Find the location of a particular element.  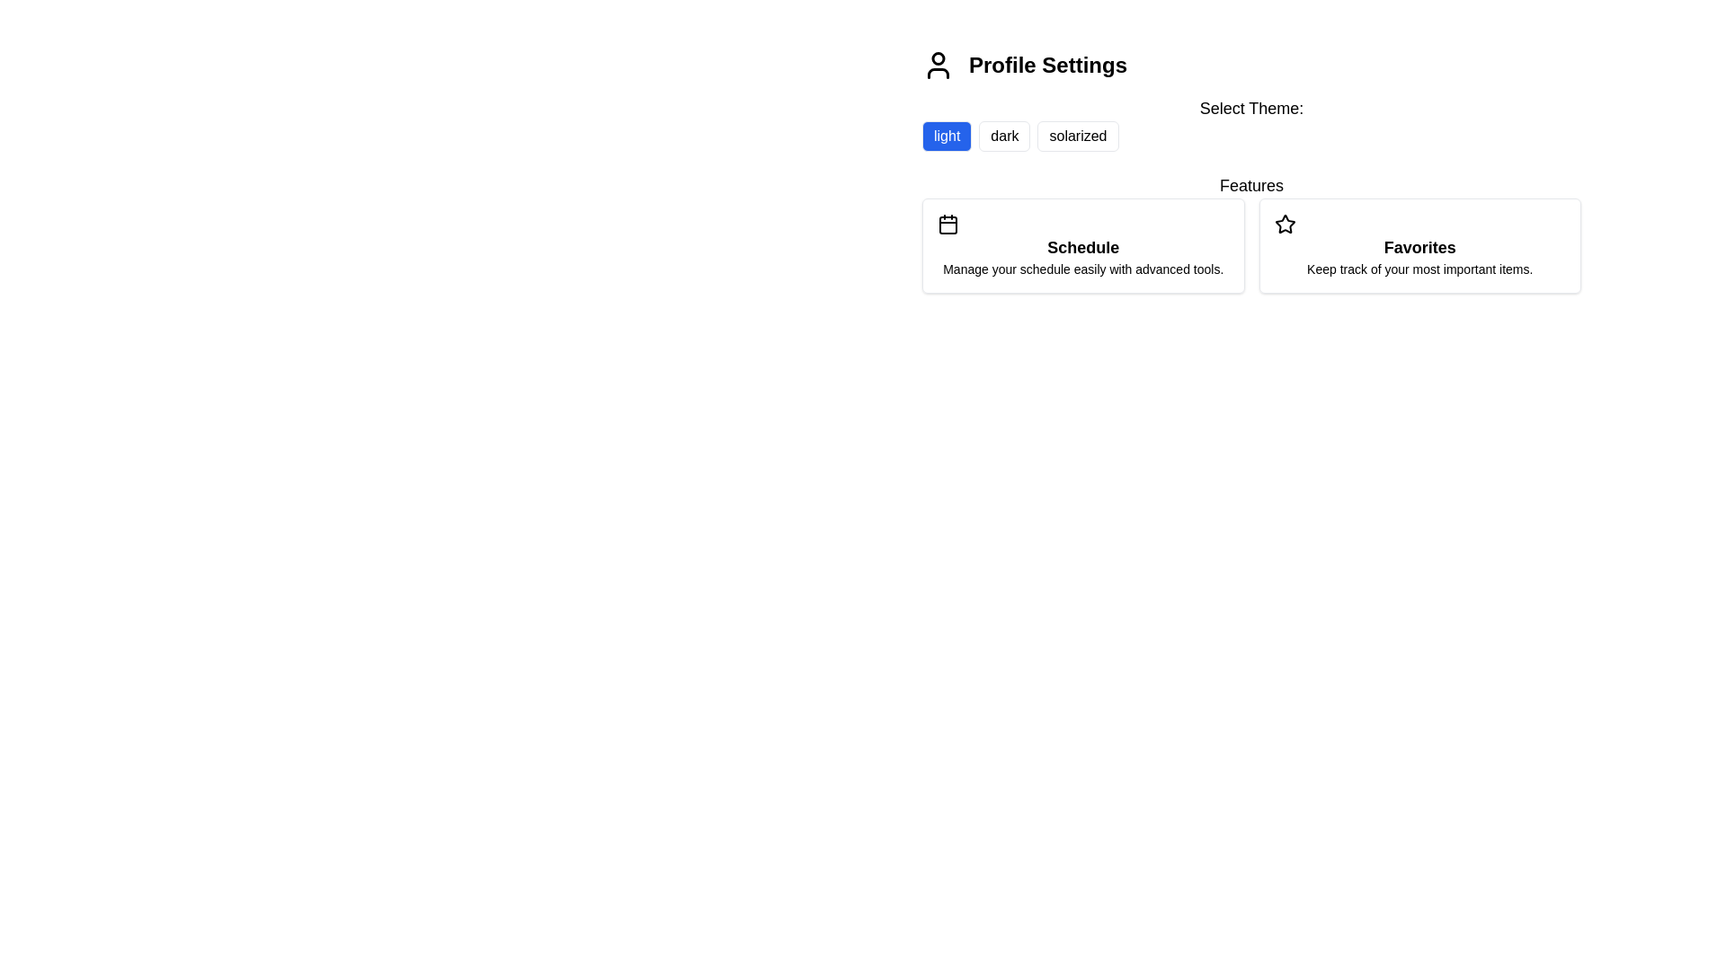

the user profile icon, which is a circular shape with a semicircular body, located to the left of the 'Profile Settings' text in the header area is located at coordinates (937, 65).